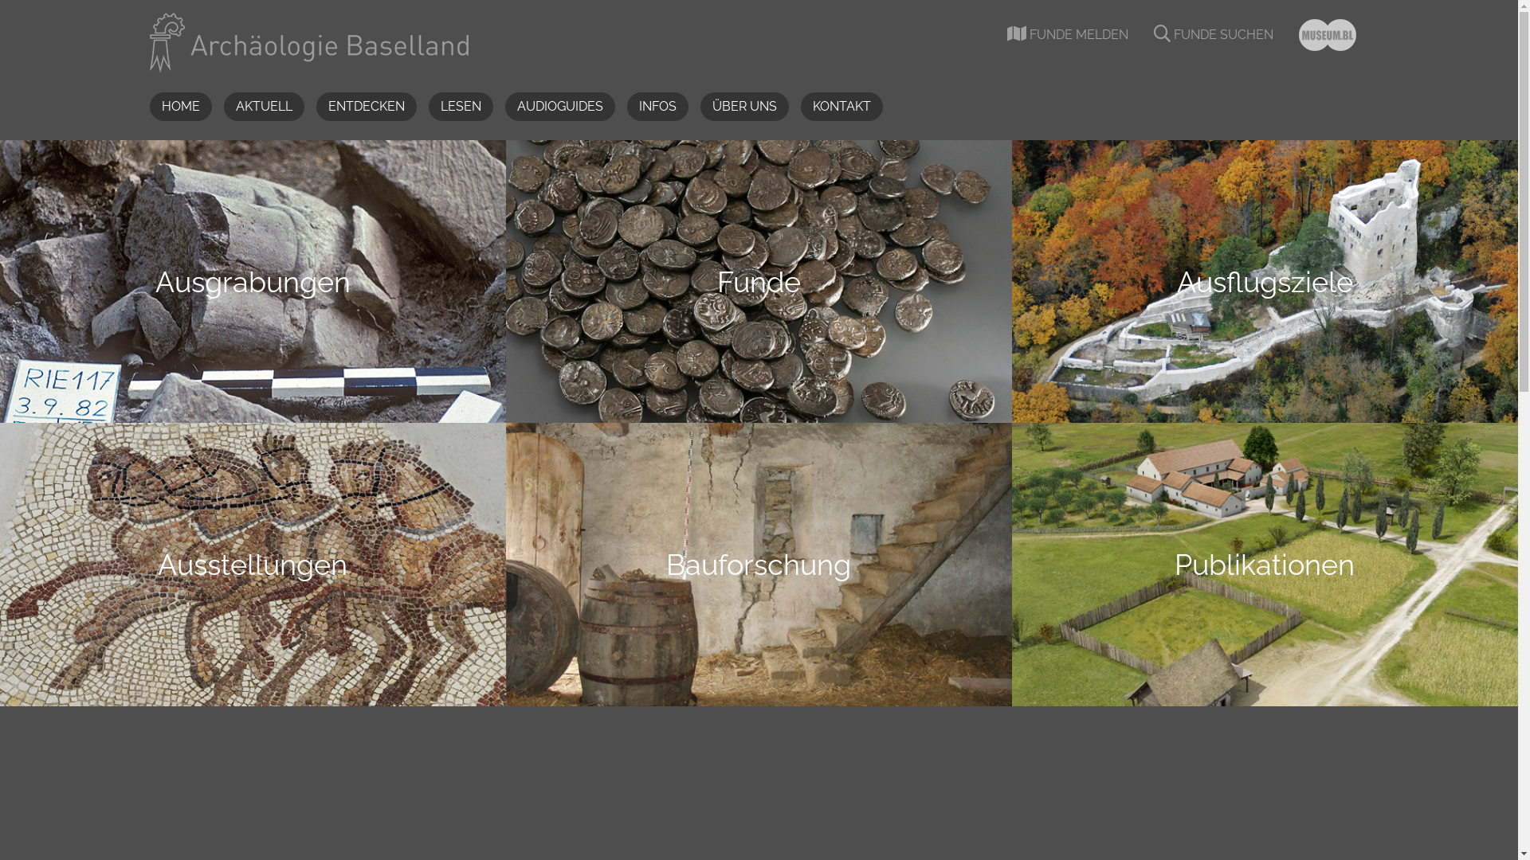  What do you see at coordinates (758, 280) in the screenshot?
I see `'Funde'` at bounding box center [758, 280].